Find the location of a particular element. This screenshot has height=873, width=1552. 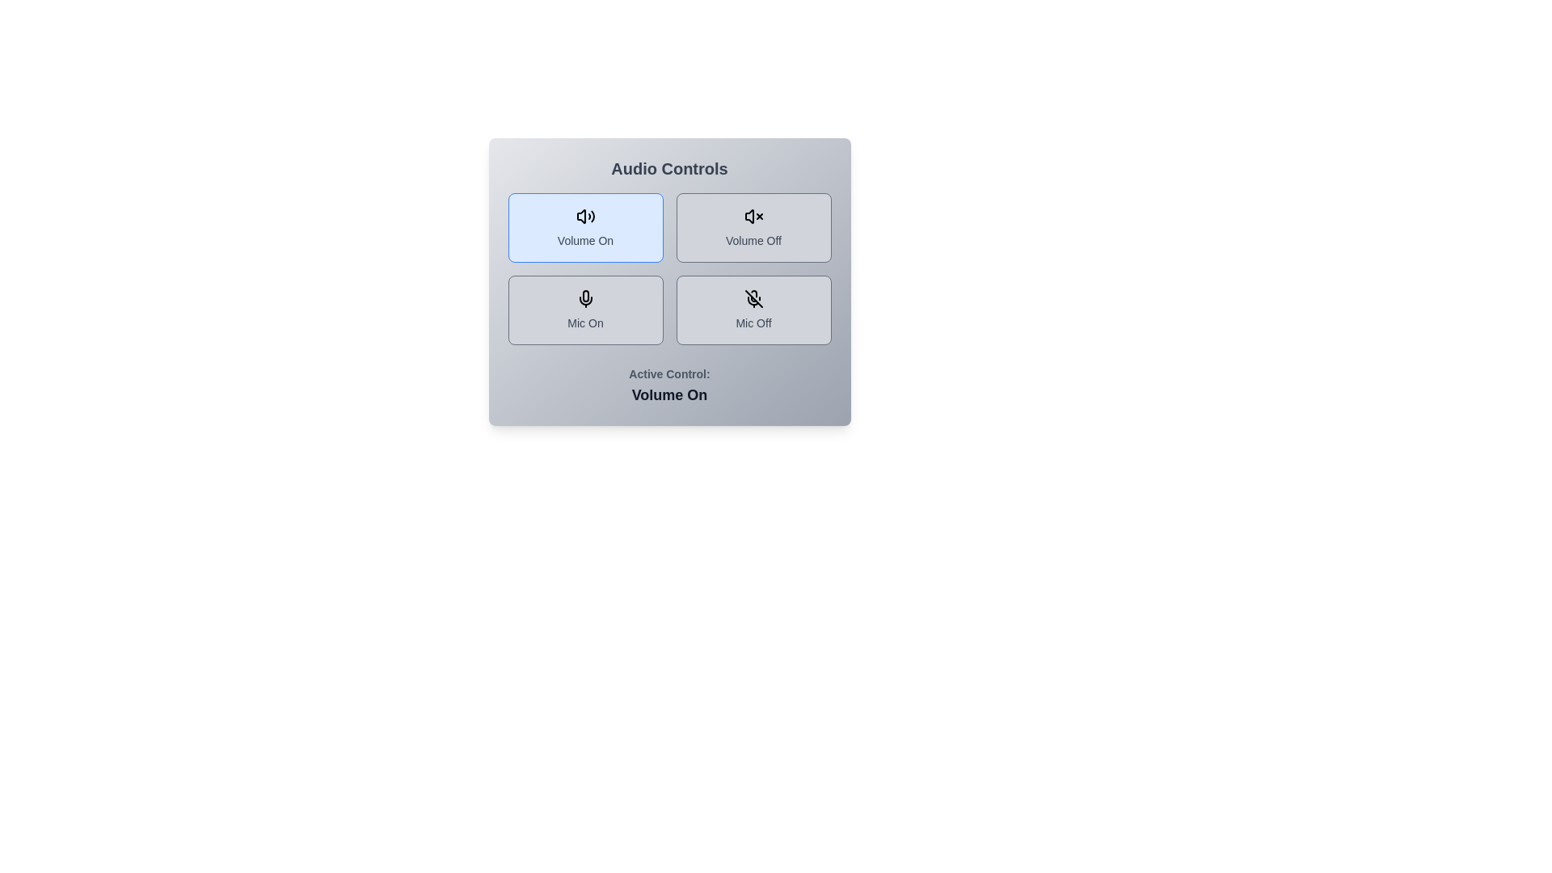

the control option Volume Off by clicking its corresponding button is located at coordinates (753, 227).